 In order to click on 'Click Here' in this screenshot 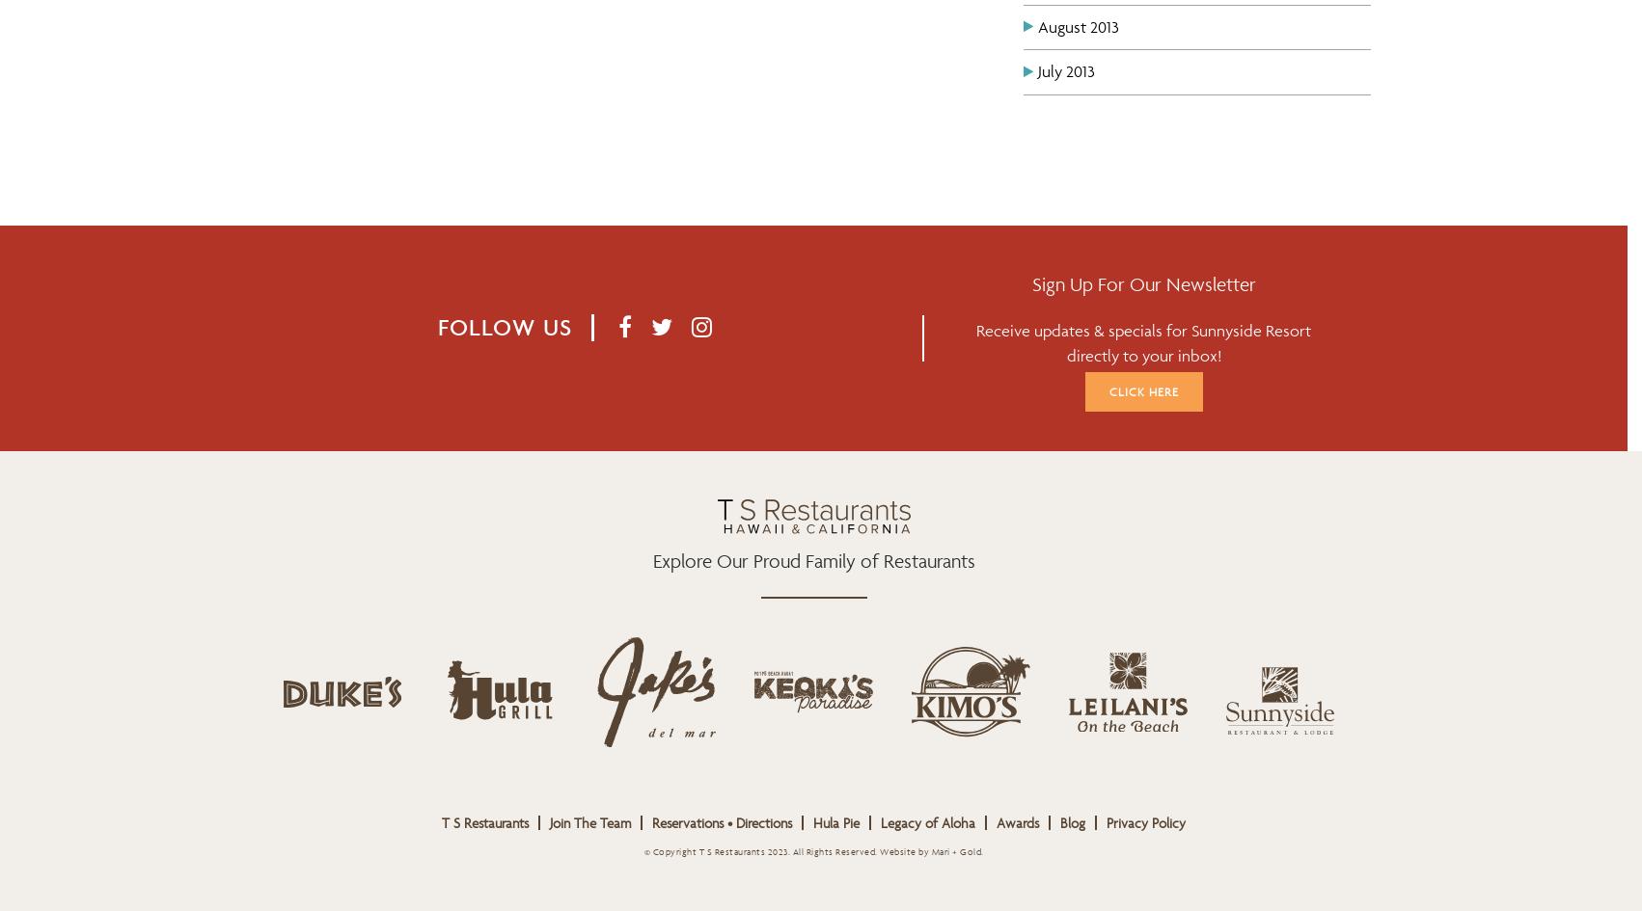, I will do `click(1108, 390)`.